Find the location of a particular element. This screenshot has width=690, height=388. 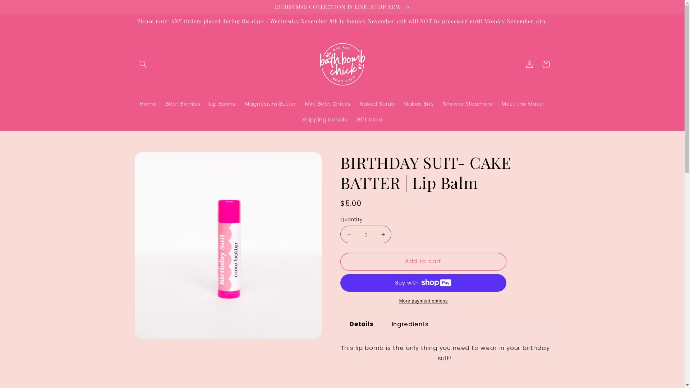

'Shower Steamers' is located at coordinates (468, 104).